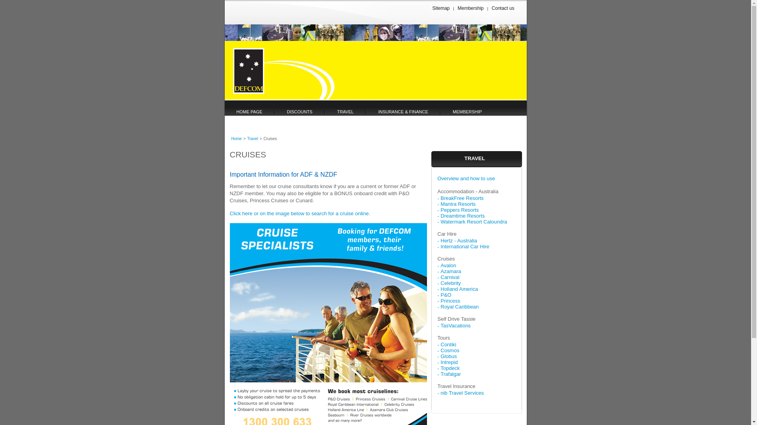 This screenshot has height=425, width=757. Describe the element at coordinates (440, 216) in the screenshot. I see `'Dreamtime Resorts'` at that location.